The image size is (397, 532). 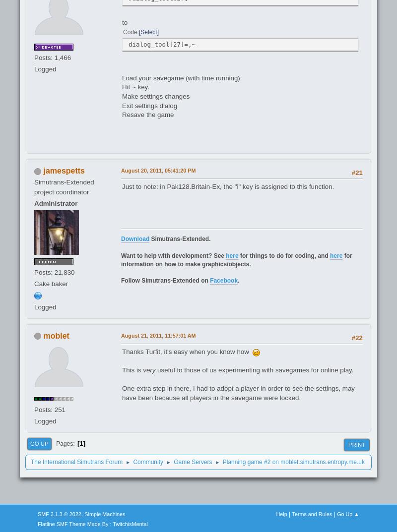 I want to click on ',', so click(x=82, y=513).